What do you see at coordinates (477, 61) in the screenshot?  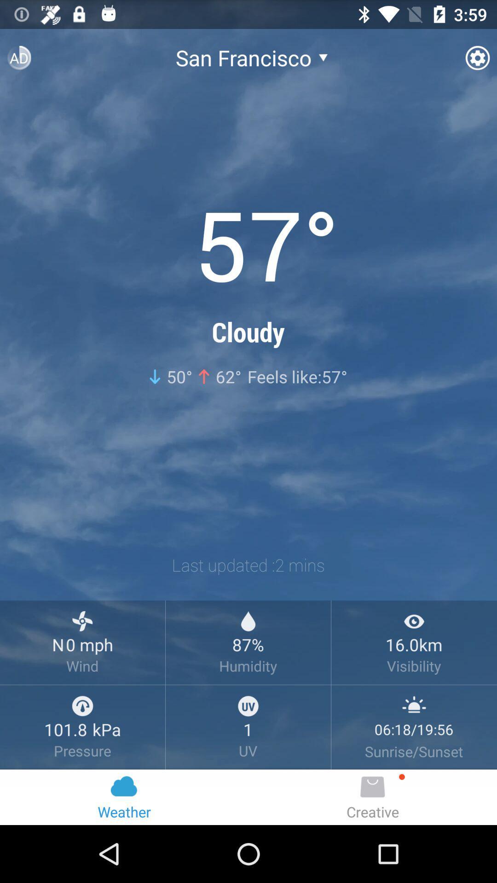 I see `the settings icon` at bounding box center [477, 61].